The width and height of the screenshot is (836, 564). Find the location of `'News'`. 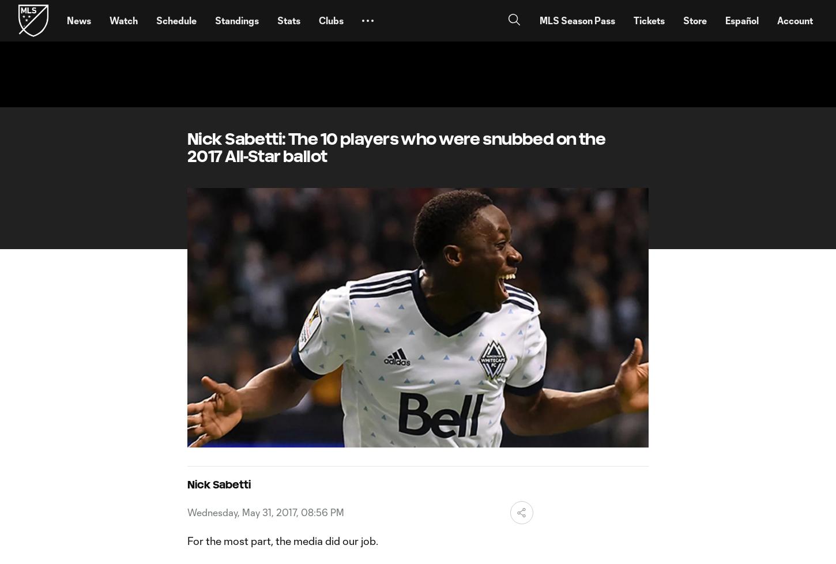

'News' is located at coordinates (78, 20).